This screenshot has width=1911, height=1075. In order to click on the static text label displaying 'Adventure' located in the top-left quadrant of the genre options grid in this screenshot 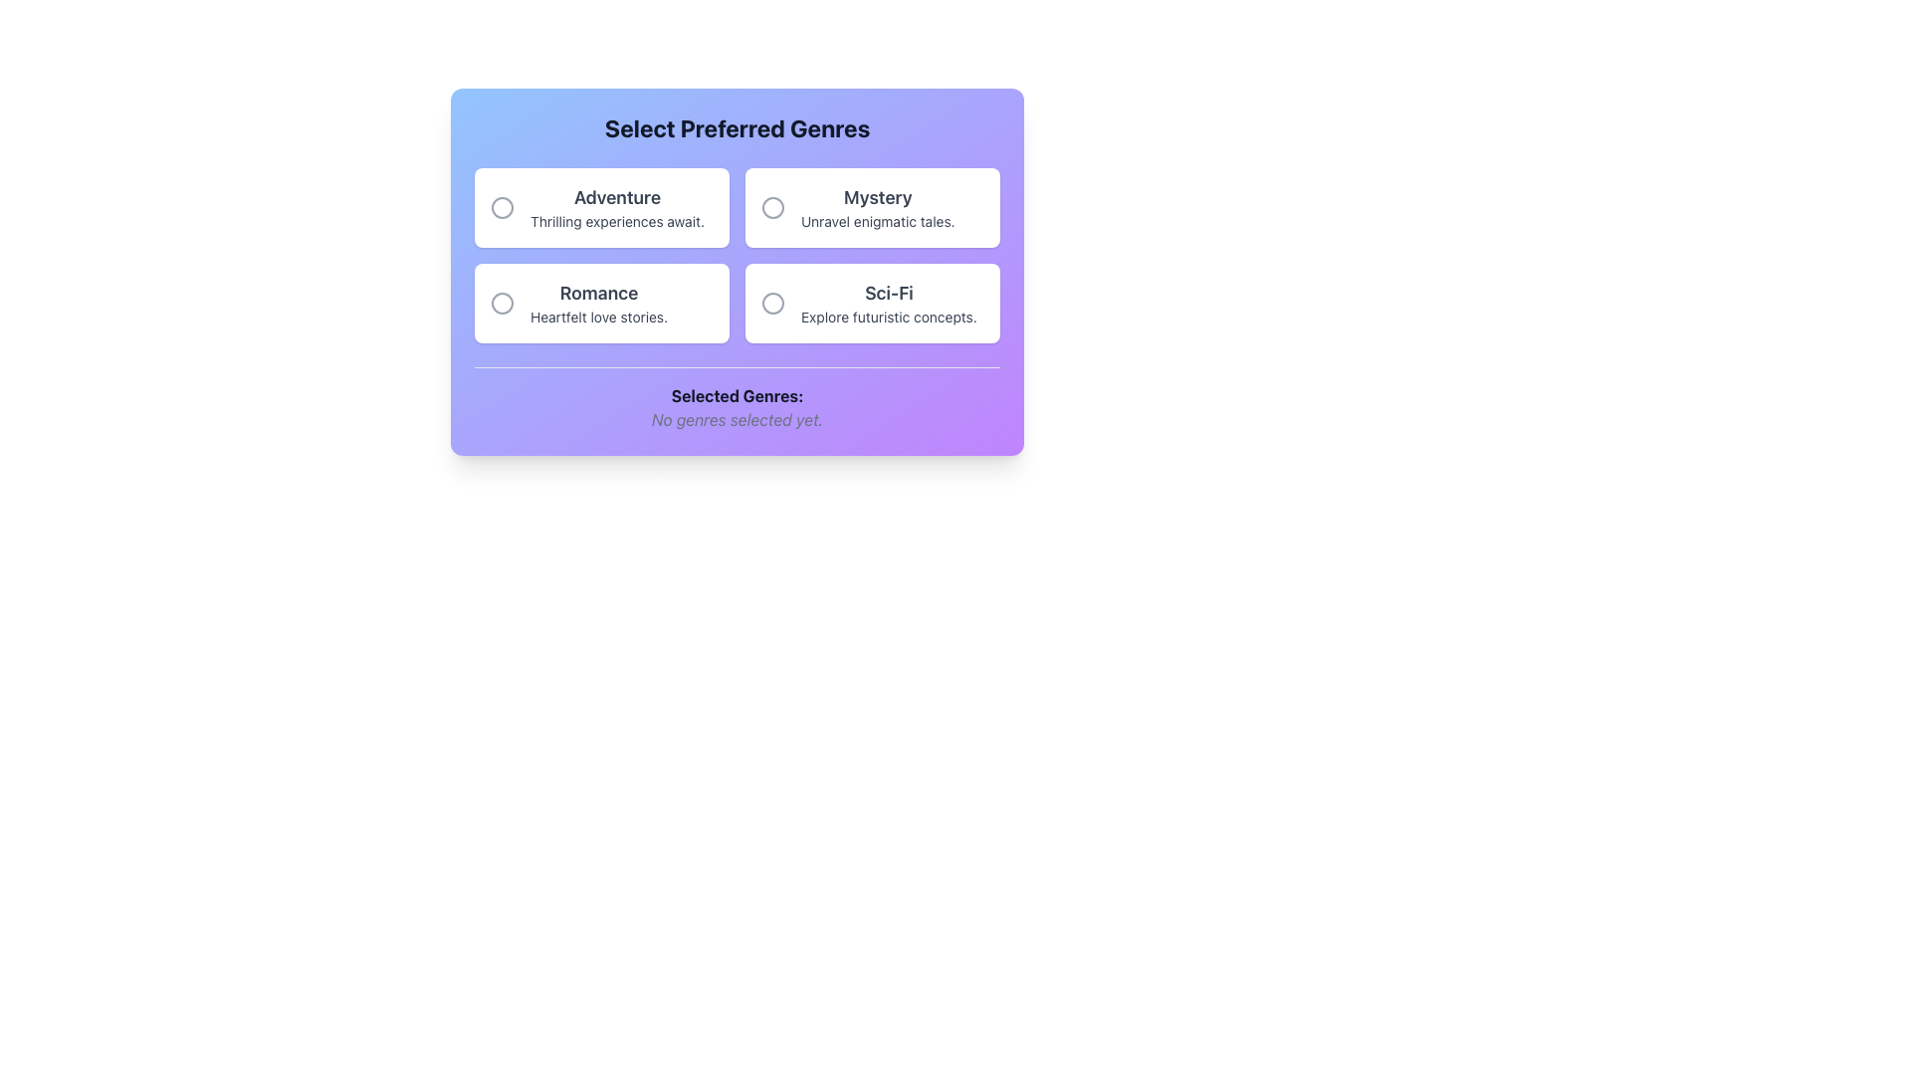, I will do `click(616, 207)`.